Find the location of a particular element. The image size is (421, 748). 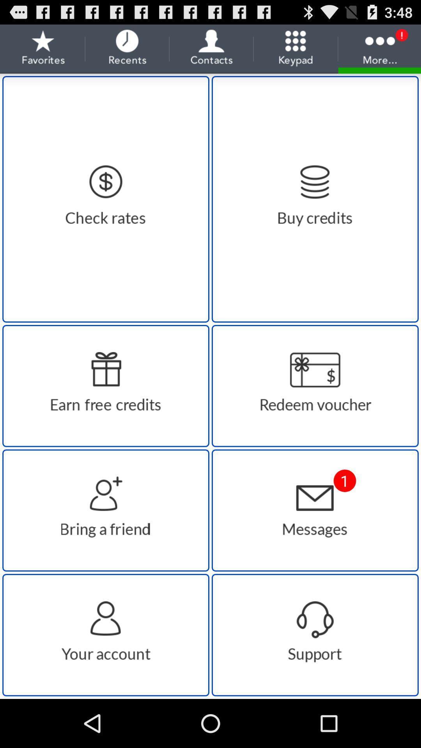

contact support is located at coordinates (315, 635).